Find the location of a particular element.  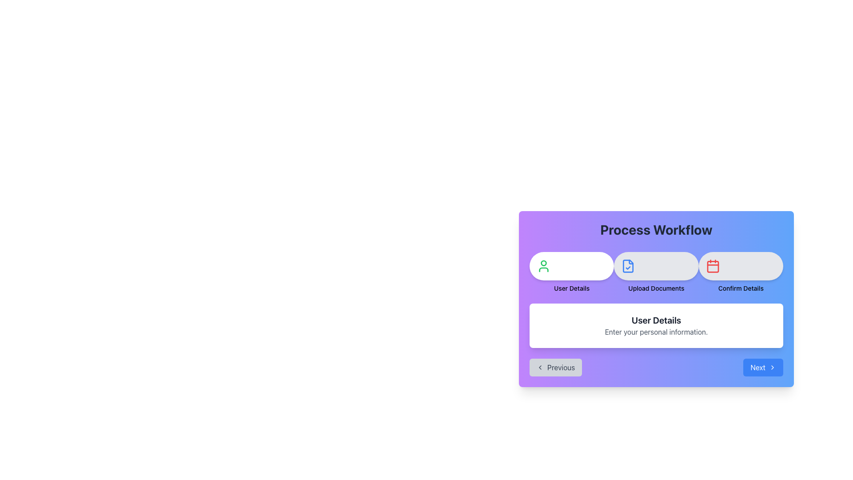

the 'Previous' button located in the bottom-left corner of the 'Process Workflow' card is located at coordinates (555, 367).